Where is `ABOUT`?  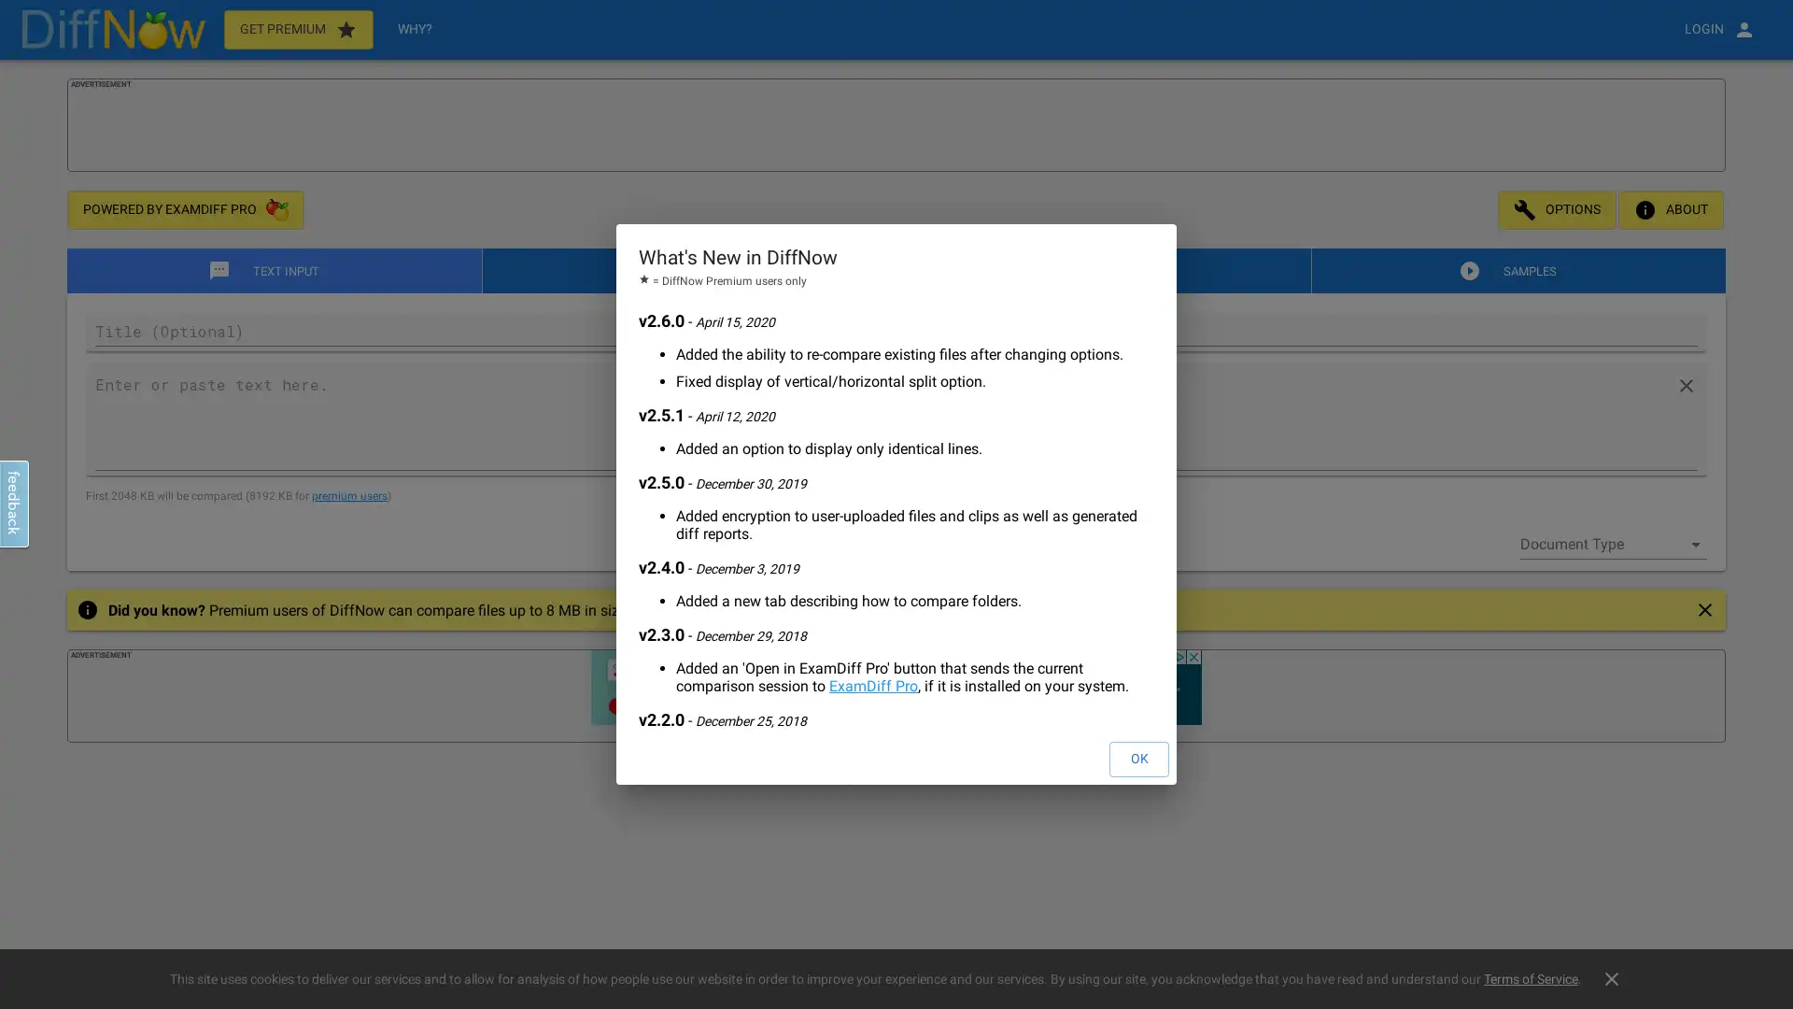
ABOUT is located at coordinates (1671, 209).